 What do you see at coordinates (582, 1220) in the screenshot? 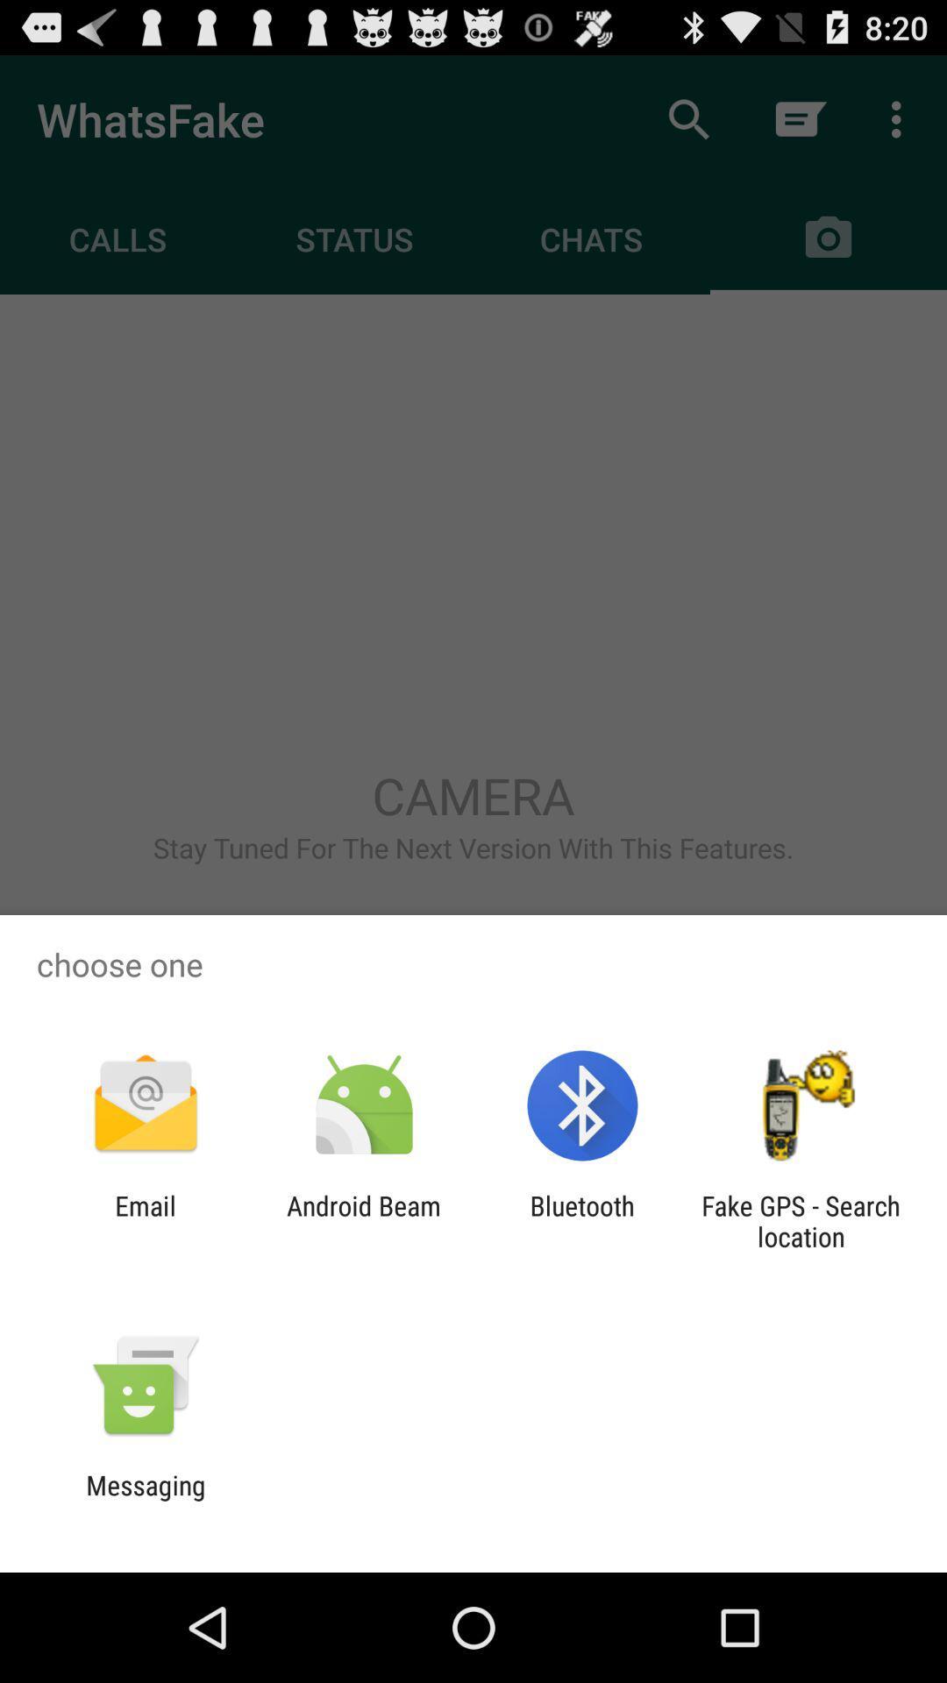
I see `the bluetooth app` at bounding box center [582, 1220].